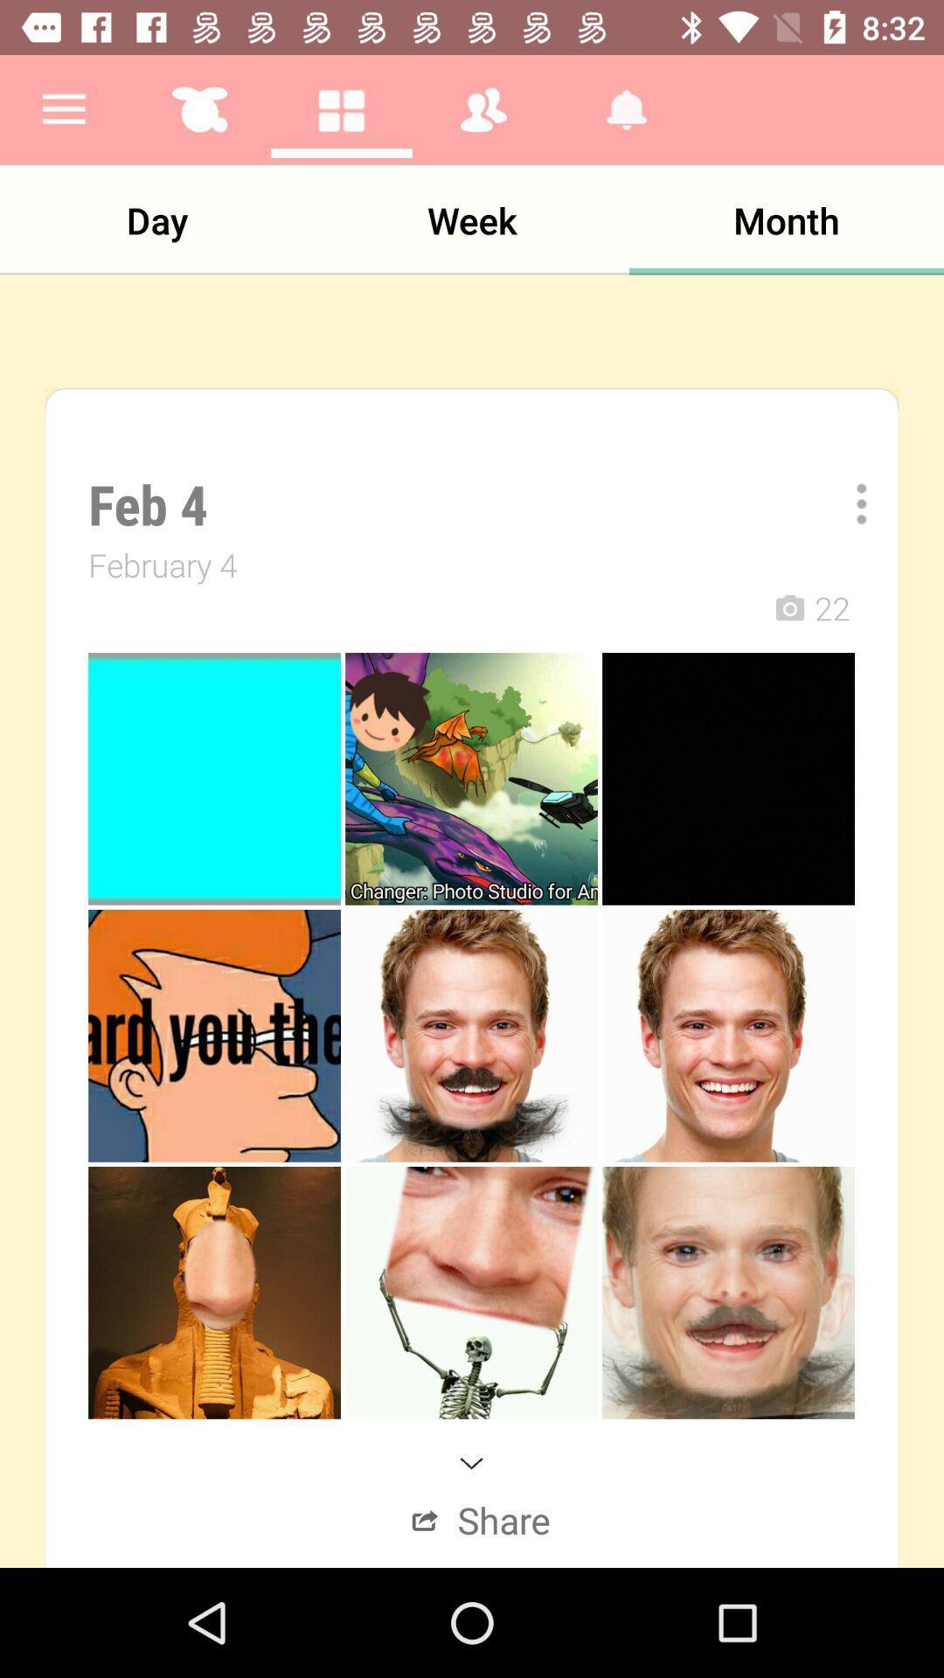 Image resolution: width=944 pixels, height=1678 pixels. I want to click on click for more options, so click(849, 503).